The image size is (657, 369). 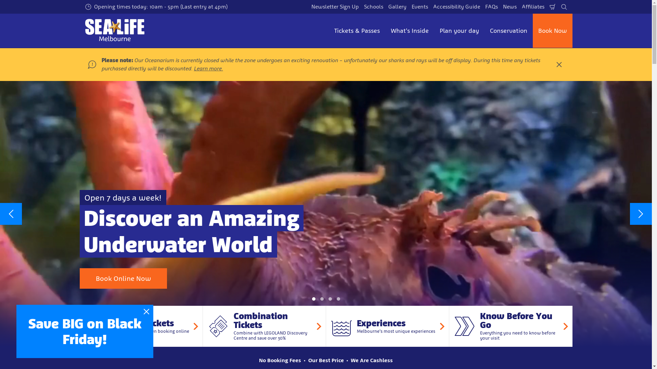 What do you see at coordinates (156, 6) in the screenshot?
I see `'Opening times today: 10am - 5pm (Last entry at 4pm)'` at bounding box center [156, 6].